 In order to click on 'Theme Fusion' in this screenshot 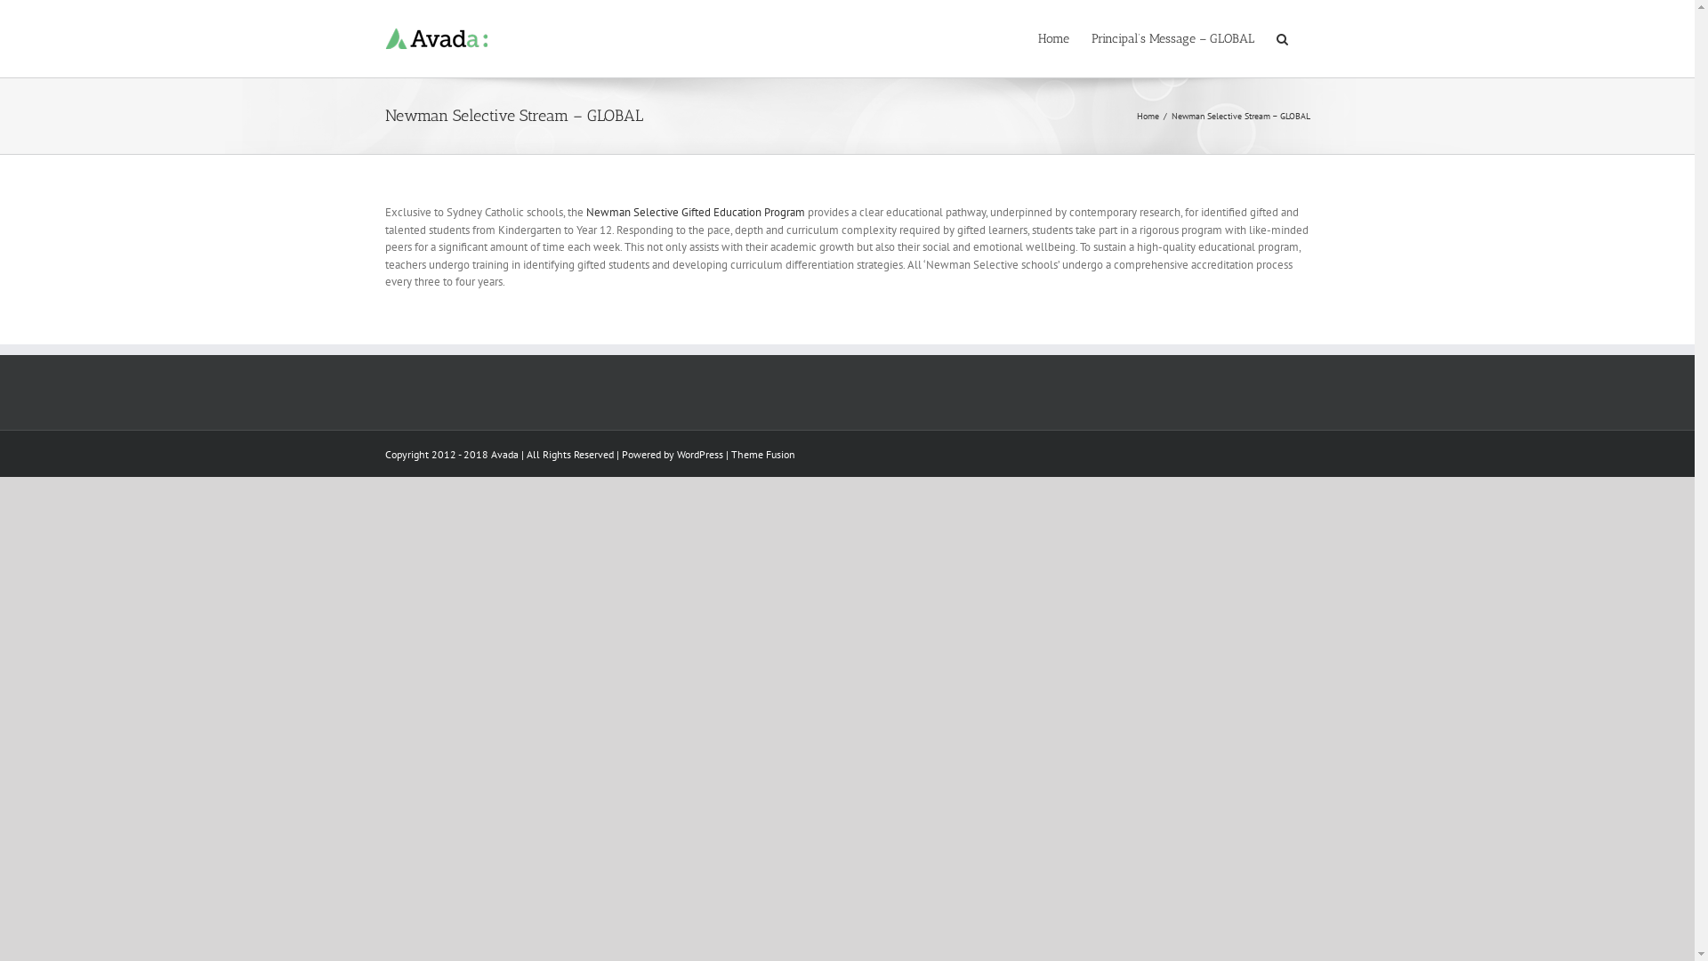, I will do `click(763, 452)`.